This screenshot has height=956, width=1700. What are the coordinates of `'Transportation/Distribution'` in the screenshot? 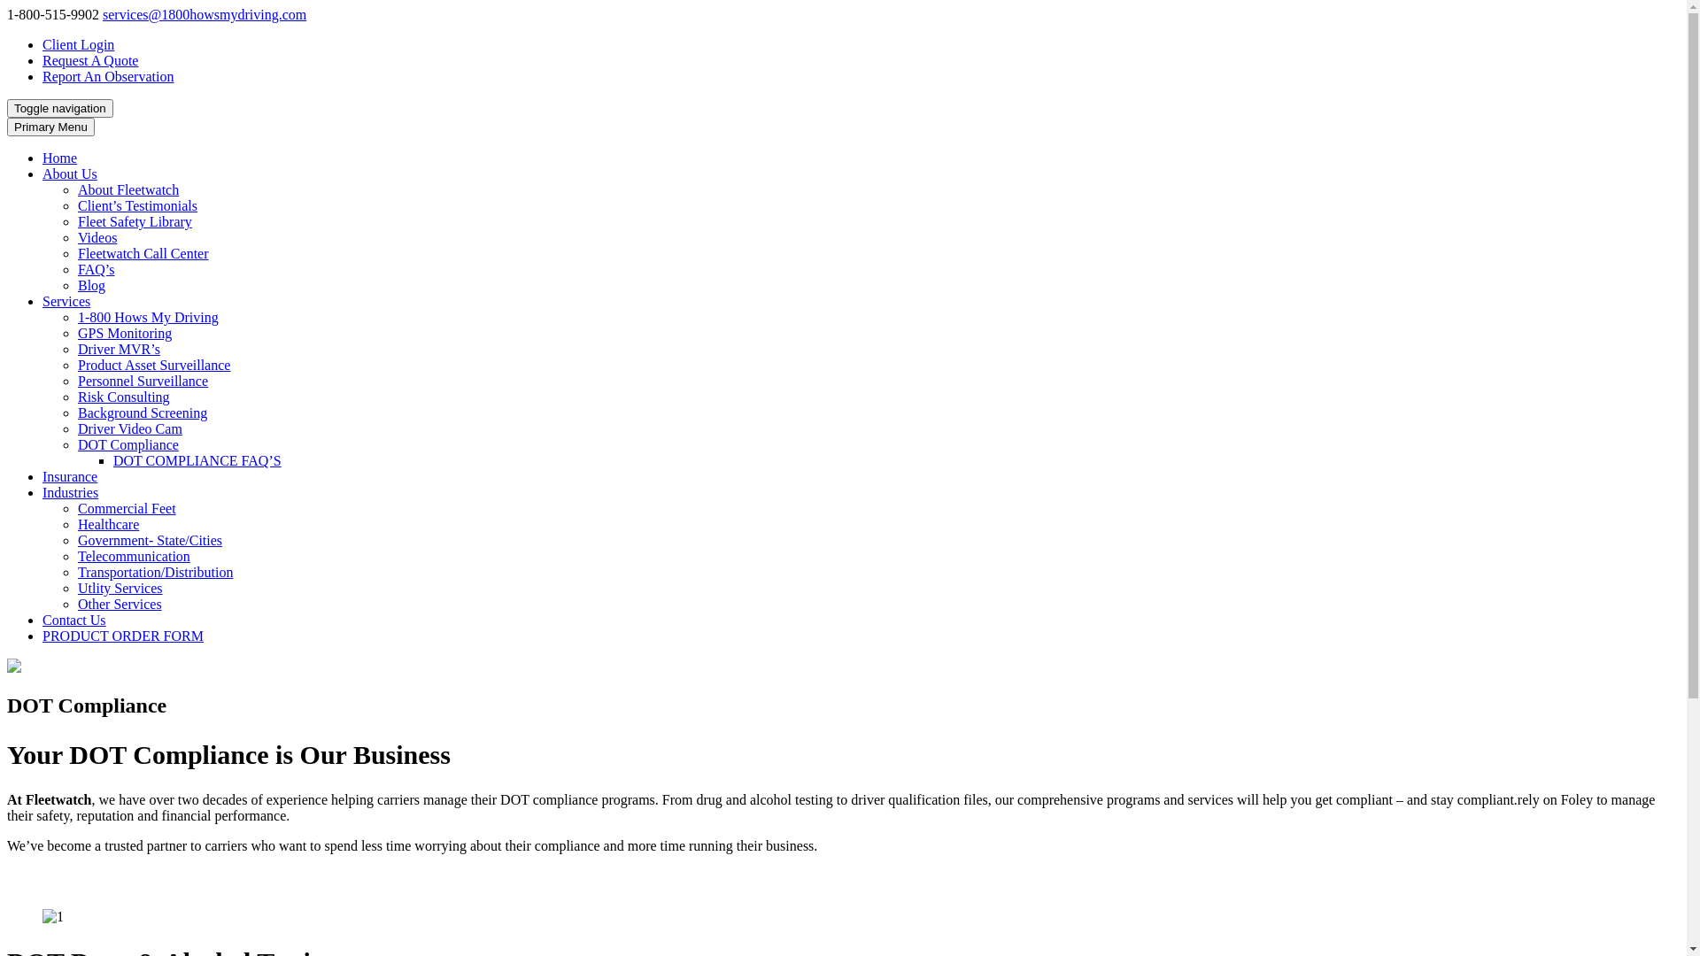 It's located at (155, 572).